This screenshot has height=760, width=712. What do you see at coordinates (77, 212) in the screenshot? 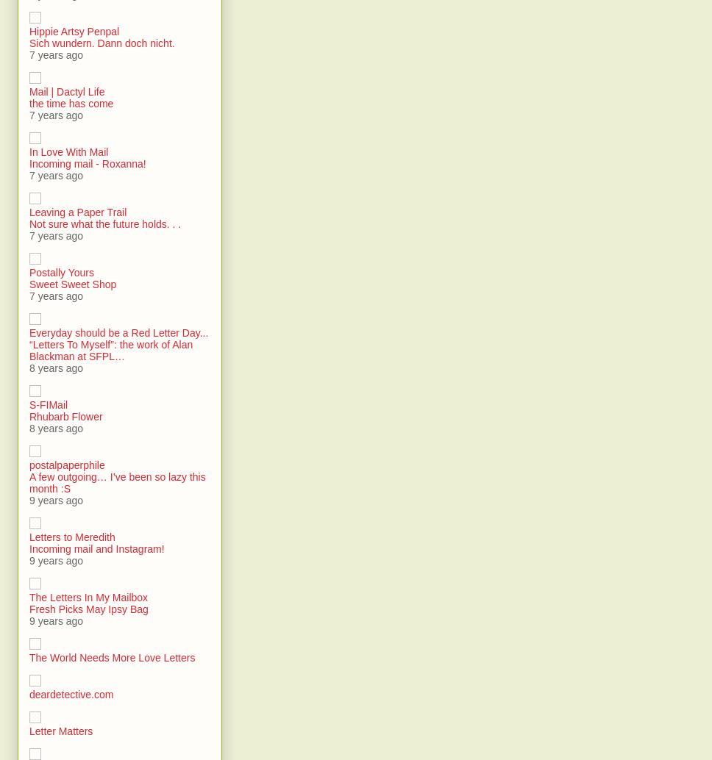
I see `'Leaving a Paper Trail'` at bounding box center [77, 212].